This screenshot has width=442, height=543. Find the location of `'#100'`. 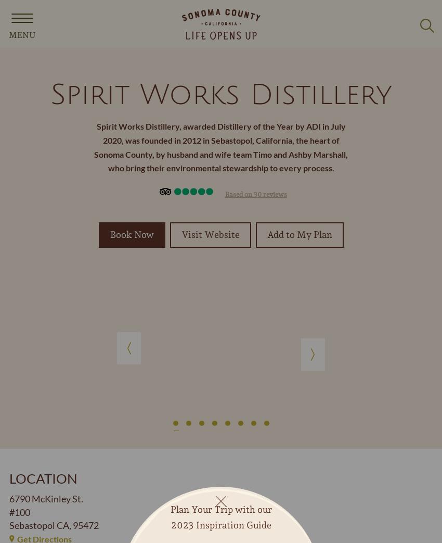

'#100' is located at coordinates (9, 512).